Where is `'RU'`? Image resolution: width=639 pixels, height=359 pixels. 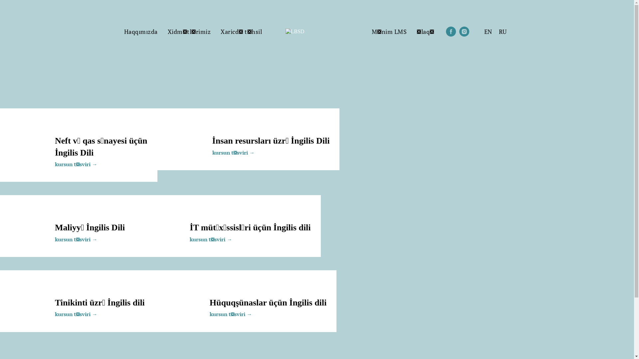 'RU' is located at coordinates (503, 32).